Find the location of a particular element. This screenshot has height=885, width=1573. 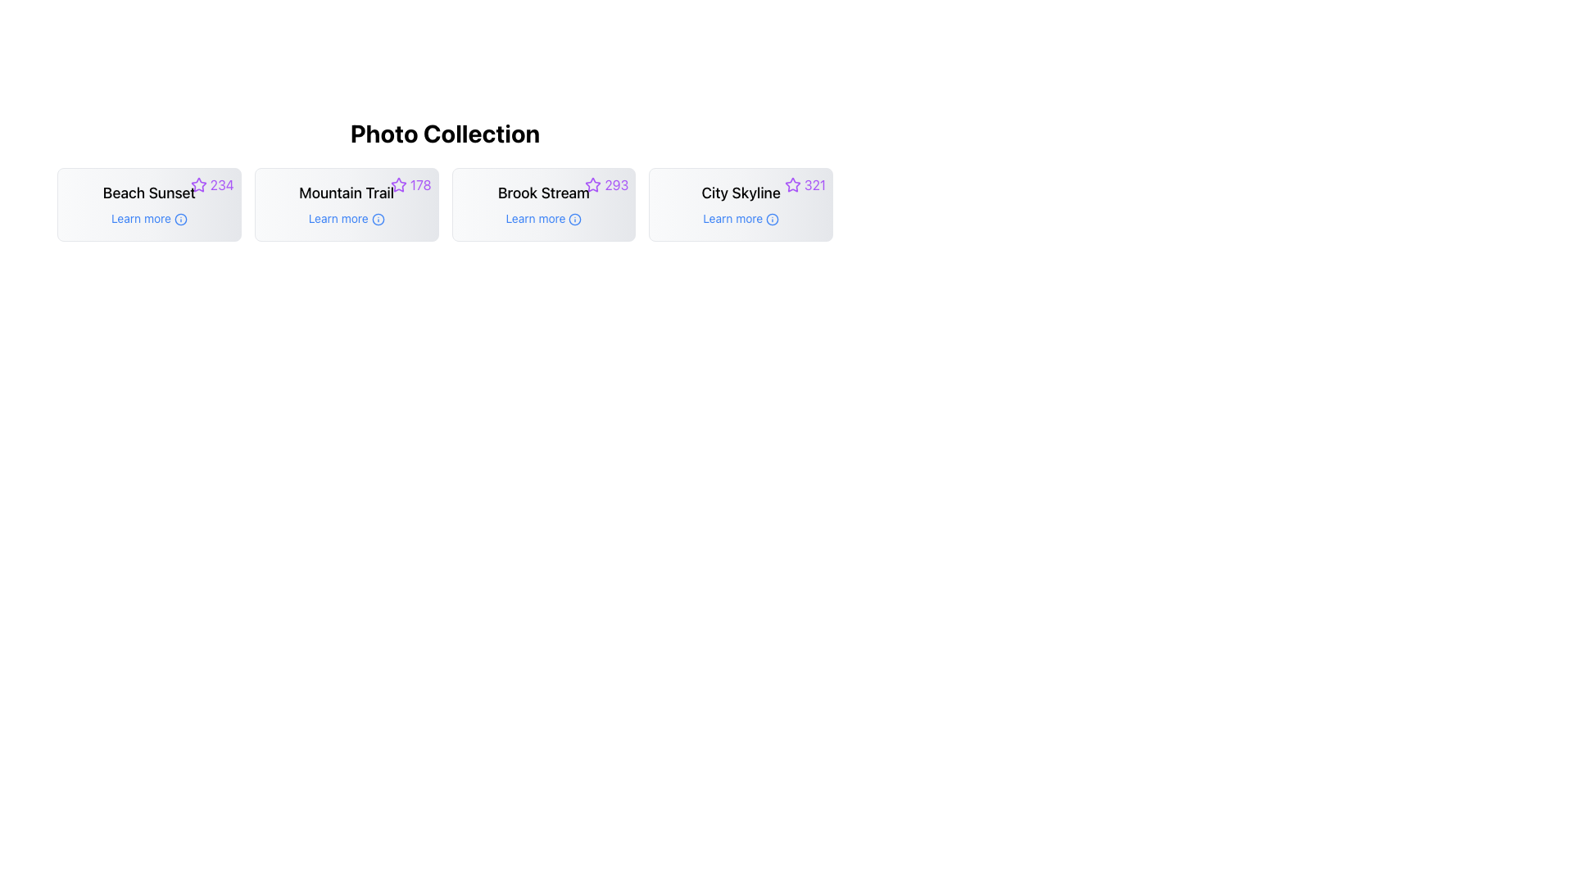

the blue circular information icon adjacent to the 'Learn more' label in the 'Beach Sunset' section is located at coordinates (180, 219).